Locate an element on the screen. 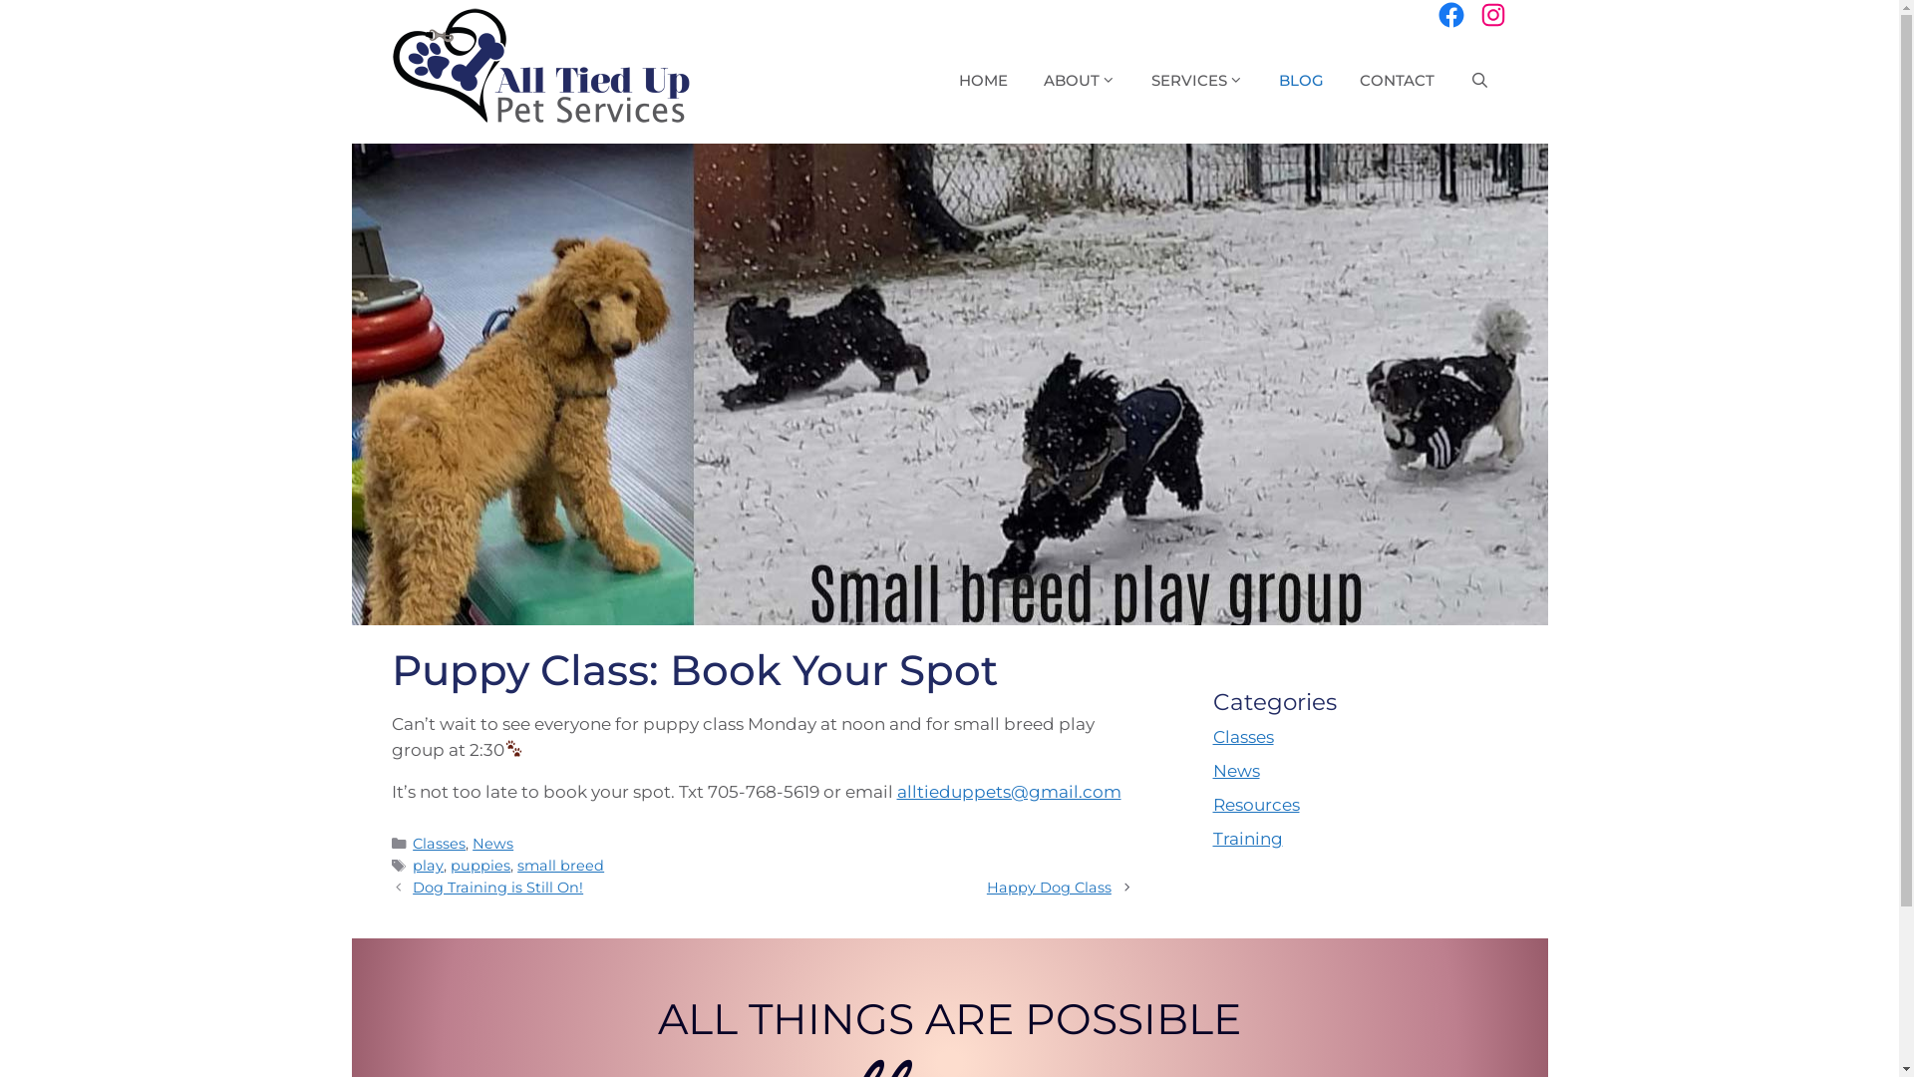 This screenshot has width=1914, height=1077. 'Resources' is located at coordinates (1254, 803).